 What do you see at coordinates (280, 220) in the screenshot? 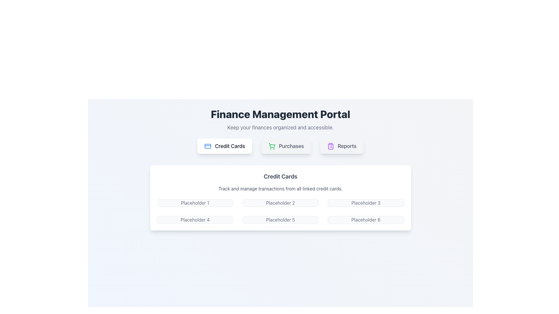
I see `the button labeled 'Placeholder 5', which is a rectangular button with rounded corners and a light gray background, located in the second row and second column of a grid layout` at bounding box center [280, 220].